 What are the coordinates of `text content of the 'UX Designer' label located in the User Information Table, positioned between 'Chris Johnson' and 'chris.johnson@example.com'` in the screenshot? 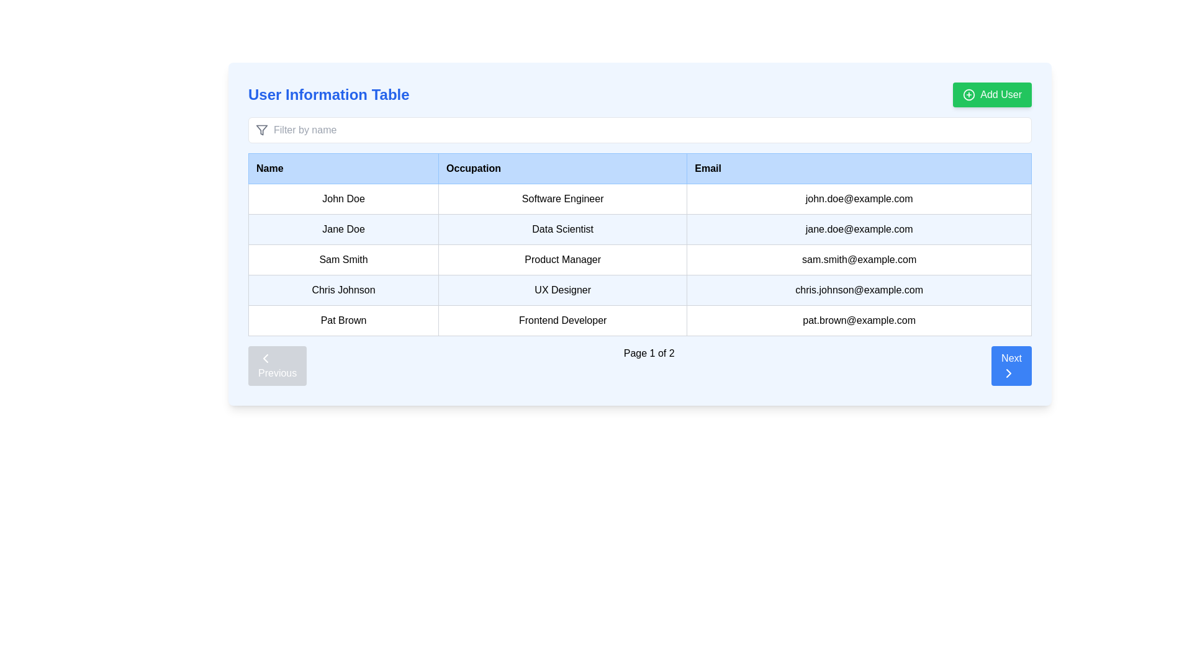 It's located at (562, 290).